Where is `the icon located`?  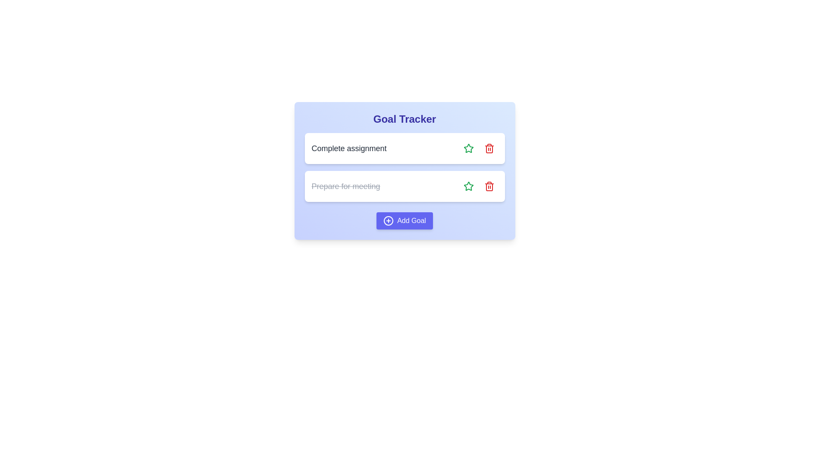
the icon located is located at coordinates (468, 186).